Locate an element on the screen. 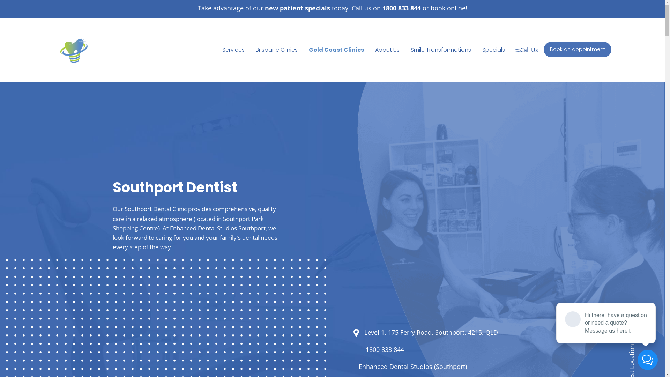 Image resolution: width=670 pixels, height=377 pixels. 'Services' is located at coordinates (233, 49).